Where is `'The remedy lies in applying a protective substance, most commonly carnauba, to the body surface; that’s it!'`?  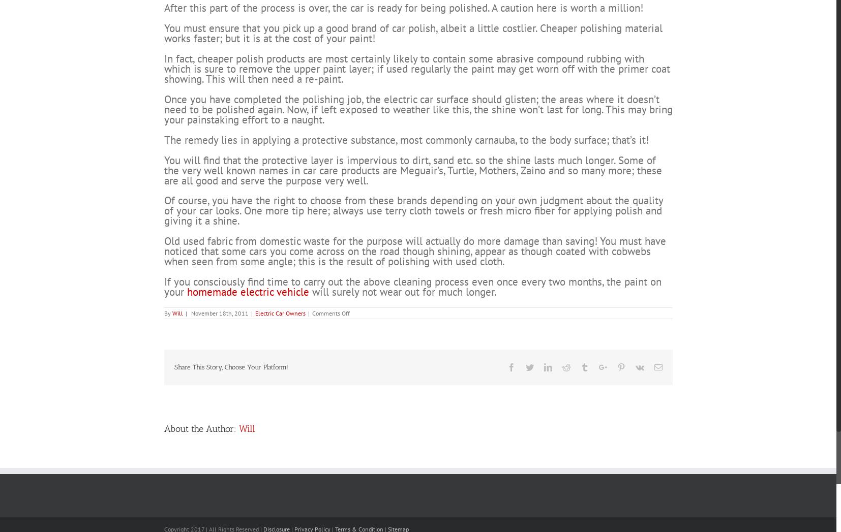
'The remedy lies in applying a protective substance, most commonly carnauba, to the body surface; that’s it!' is located at coordinates (406, 177).